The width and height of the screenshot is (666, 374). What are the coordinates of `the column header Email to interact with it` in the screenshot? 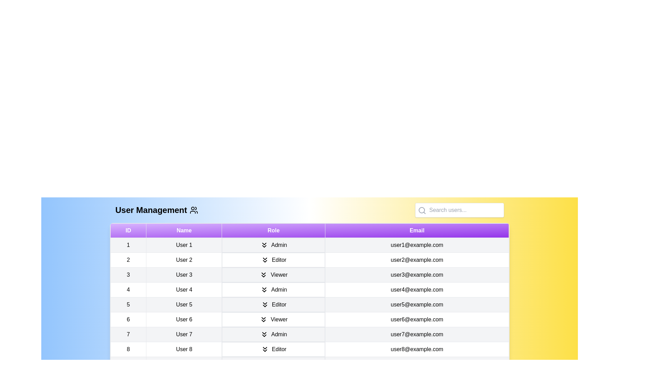 It's located at (417, 231).